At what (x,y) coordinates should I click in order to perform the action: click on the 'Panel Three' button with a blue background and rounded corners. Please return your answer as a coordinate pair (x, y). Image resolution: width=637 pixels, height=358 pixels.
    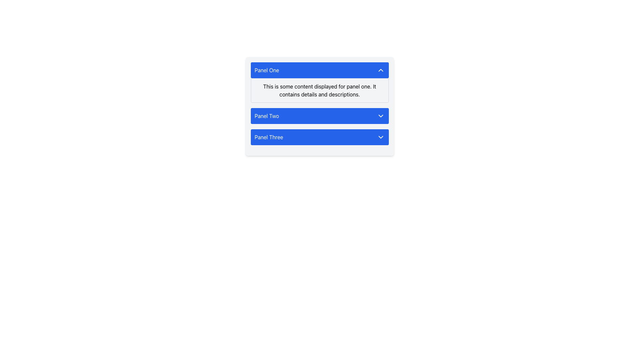
    Looking at the image, I should click on (319, 137).